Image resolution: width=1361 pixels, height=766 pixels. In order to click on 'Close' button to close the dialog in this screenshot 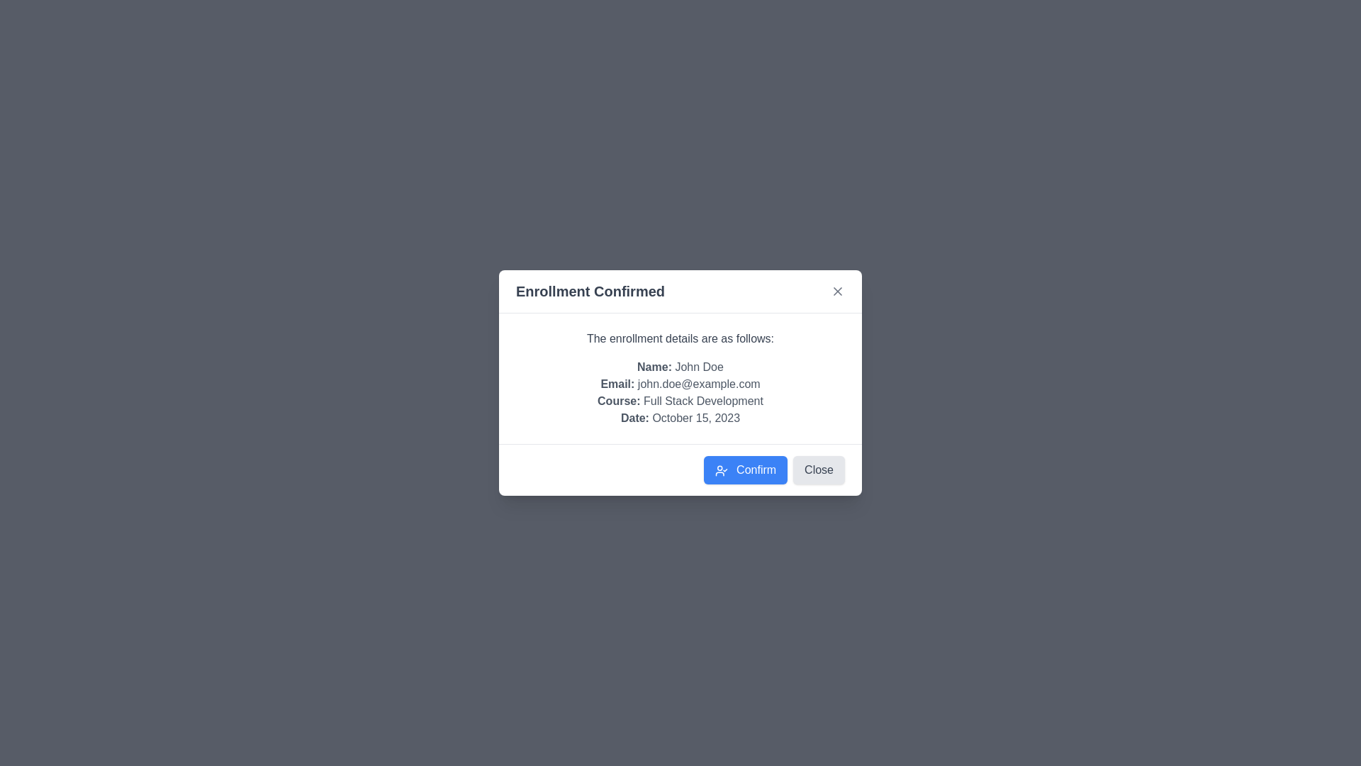, I will do `click(819, 470)`.